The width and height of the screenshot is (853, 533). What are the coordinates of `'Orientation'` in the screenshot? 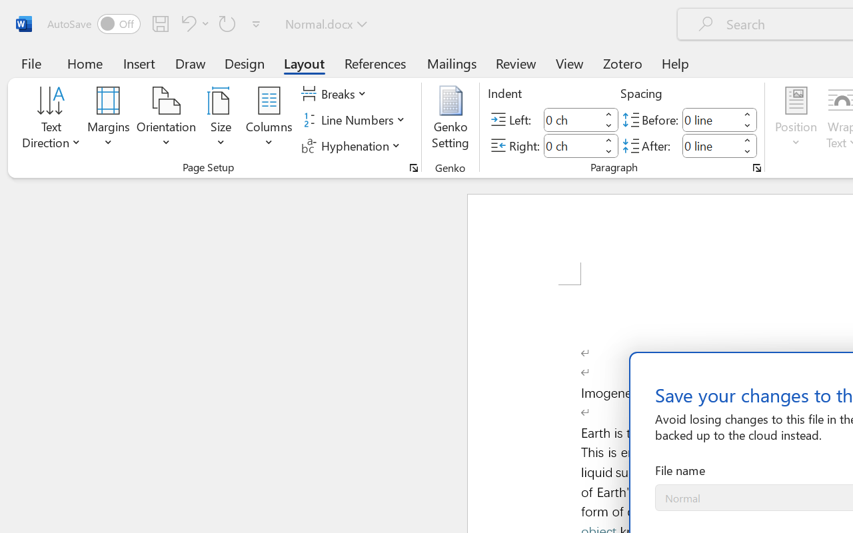 It's located at (166, 119).